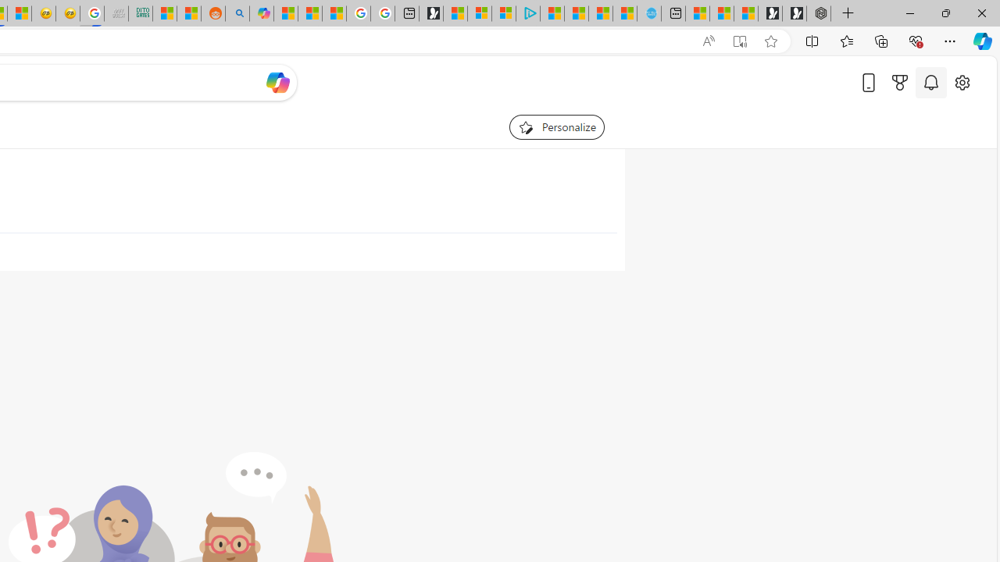  What do you see at coordinates (915, 40) in the screenshot?
I see `'Browser essentials'` at bounding box center [915, 40].